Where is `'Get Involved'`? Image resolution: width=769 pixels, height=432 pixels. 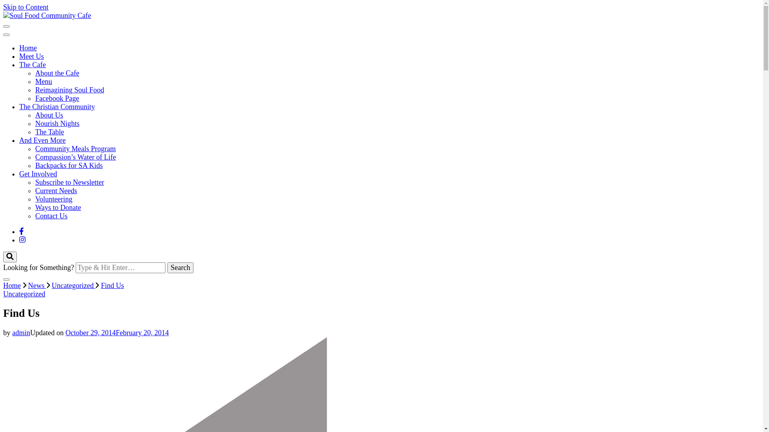
'Get Involved' is located at coordinates (38, 174).